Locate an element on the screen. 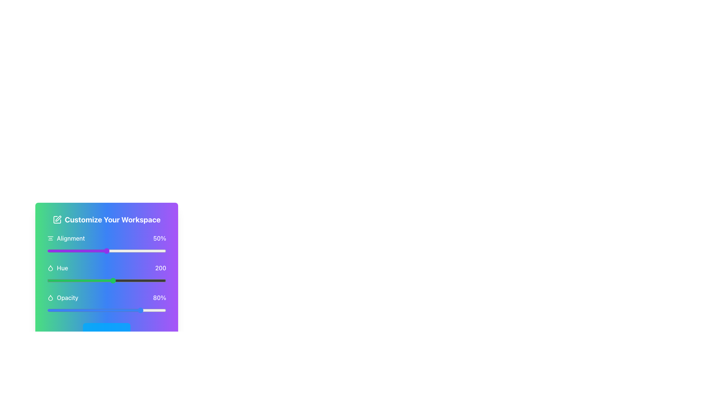 The height and width of the screenshot is (401, 714). the customization icon located at the far left of the title 'Customize Your Workspace' is located at coordinates (57, 219).